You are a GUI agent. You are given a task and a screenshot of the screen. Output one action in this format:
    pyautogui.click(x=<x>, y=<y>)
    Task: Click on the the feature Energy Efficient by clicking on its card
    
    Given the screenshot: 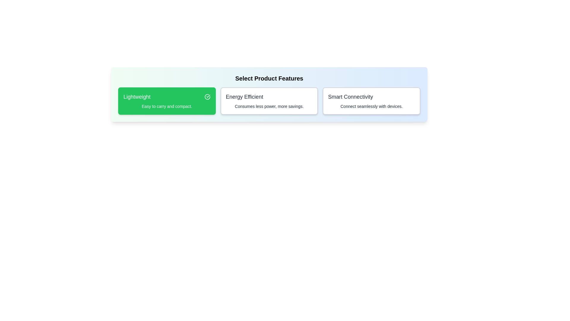 What is the action you would take?
    pyautogui.click(x=269, y=100)
    